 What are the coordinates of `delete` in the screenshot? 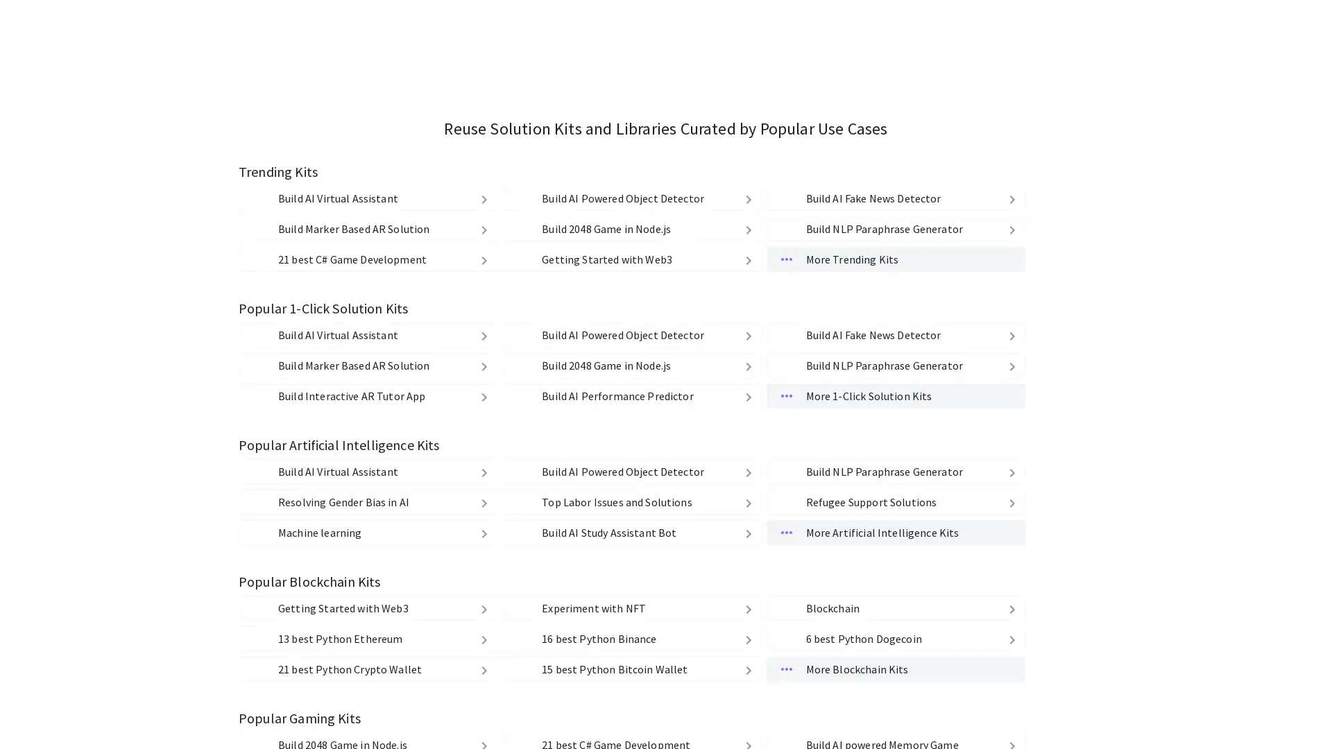 It's located at (473, 608).